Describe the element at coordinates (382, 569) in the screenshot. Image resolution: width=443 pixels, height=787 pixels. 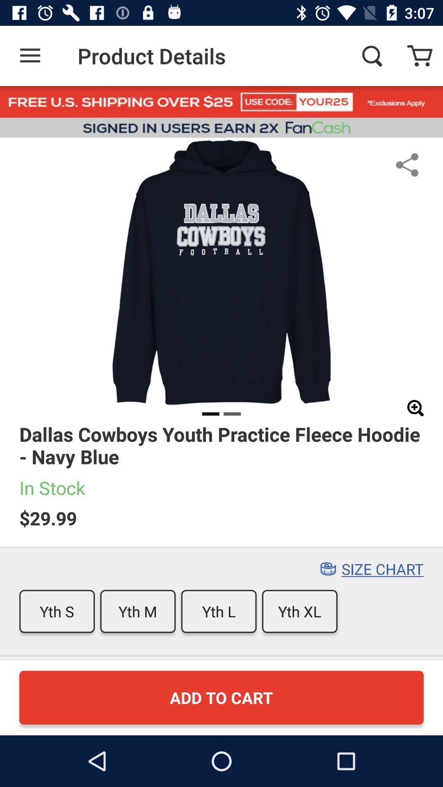
I see `size chart item` at that location.